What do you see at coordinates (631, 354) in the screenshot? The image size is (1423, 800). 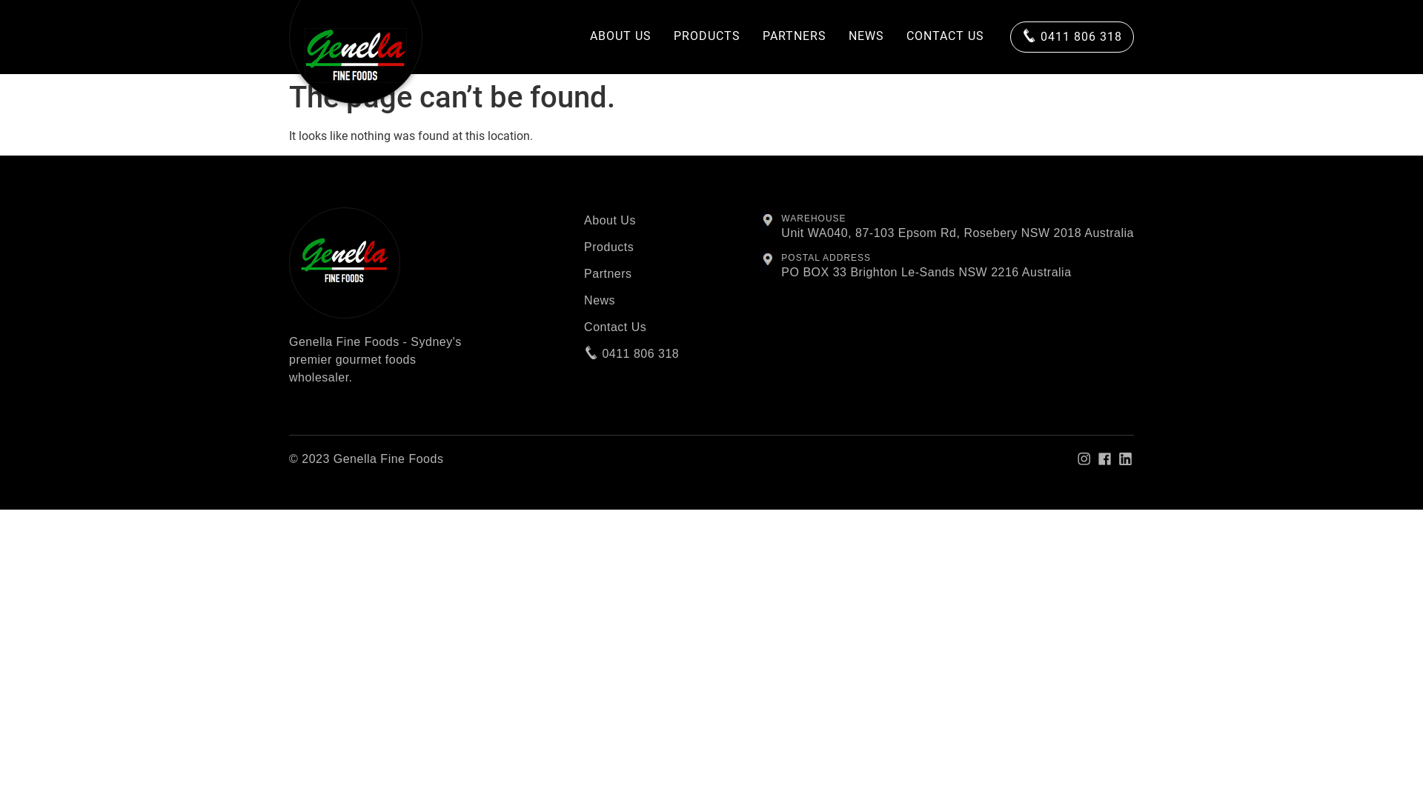 I see `'0411 806 318'` at bounding box center [631, 354].